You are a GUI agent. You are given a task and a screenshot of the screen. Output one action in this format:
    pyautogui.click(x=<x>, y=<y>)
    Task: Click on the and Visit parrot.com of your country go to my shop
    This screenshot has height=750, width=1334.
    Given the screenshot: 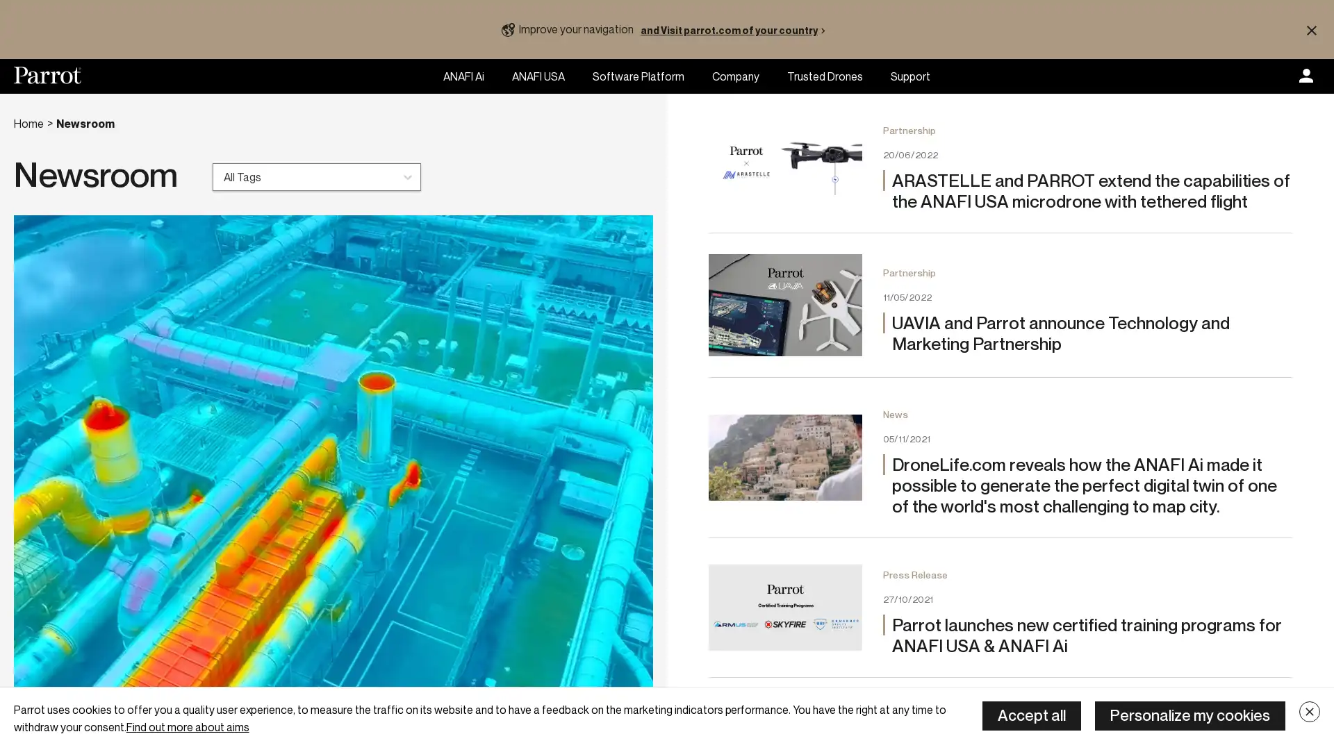 What is the action you would take?
    pyautogui.click(x=735, y=29)
    